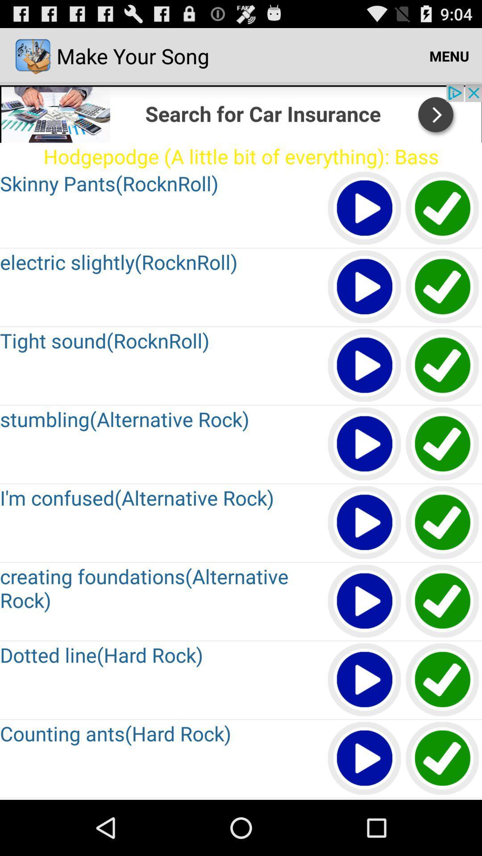  What do you see at coordinates (365, 601) in the screenshot?
I see `something` at bounding box center [365, 601].